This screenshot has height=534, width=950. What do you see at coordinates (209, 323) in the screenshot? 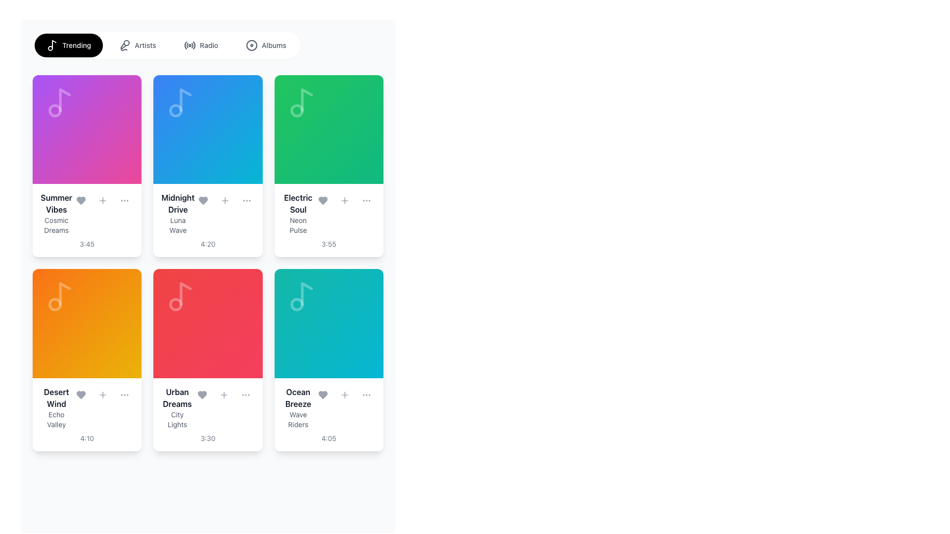
I see `the play triangle icon located centrally within the red card labeled 'Urban Dreams'` at bounding box center [209, 323].